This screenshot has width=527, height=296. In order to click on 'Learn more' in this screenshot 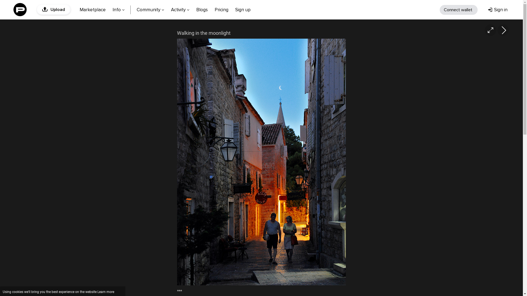, I will do `click(106, 291)`.